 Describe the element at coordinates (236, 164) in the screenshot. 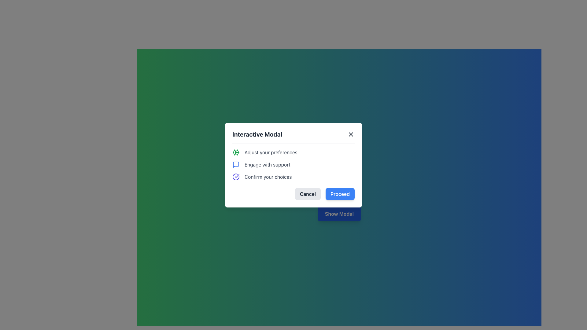

I see `the 'Engage with support' icon, which serves as a visual cue for messaging or communication within the modal interface` at that location.